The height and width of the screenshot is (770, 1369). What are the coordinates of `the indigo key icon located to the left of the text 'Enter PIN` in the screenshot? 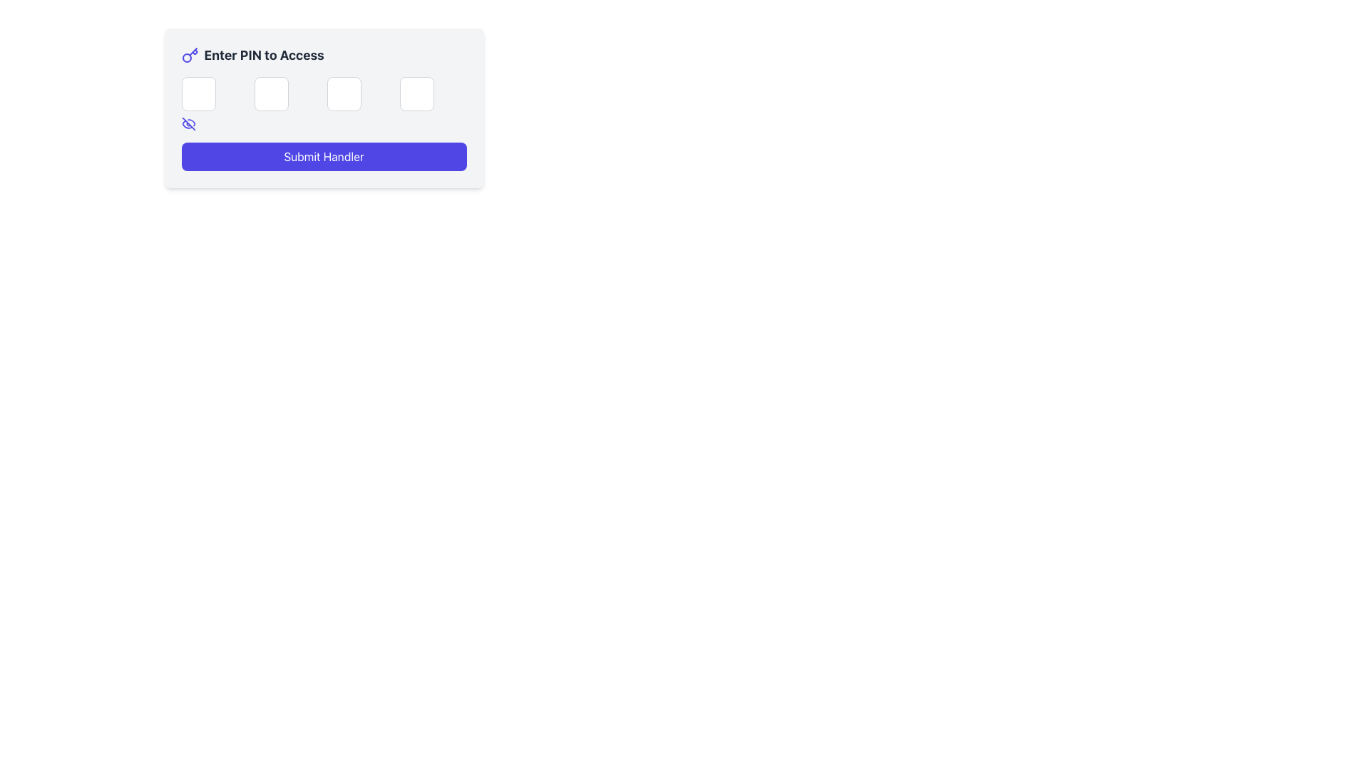 It's located at (189, 54).